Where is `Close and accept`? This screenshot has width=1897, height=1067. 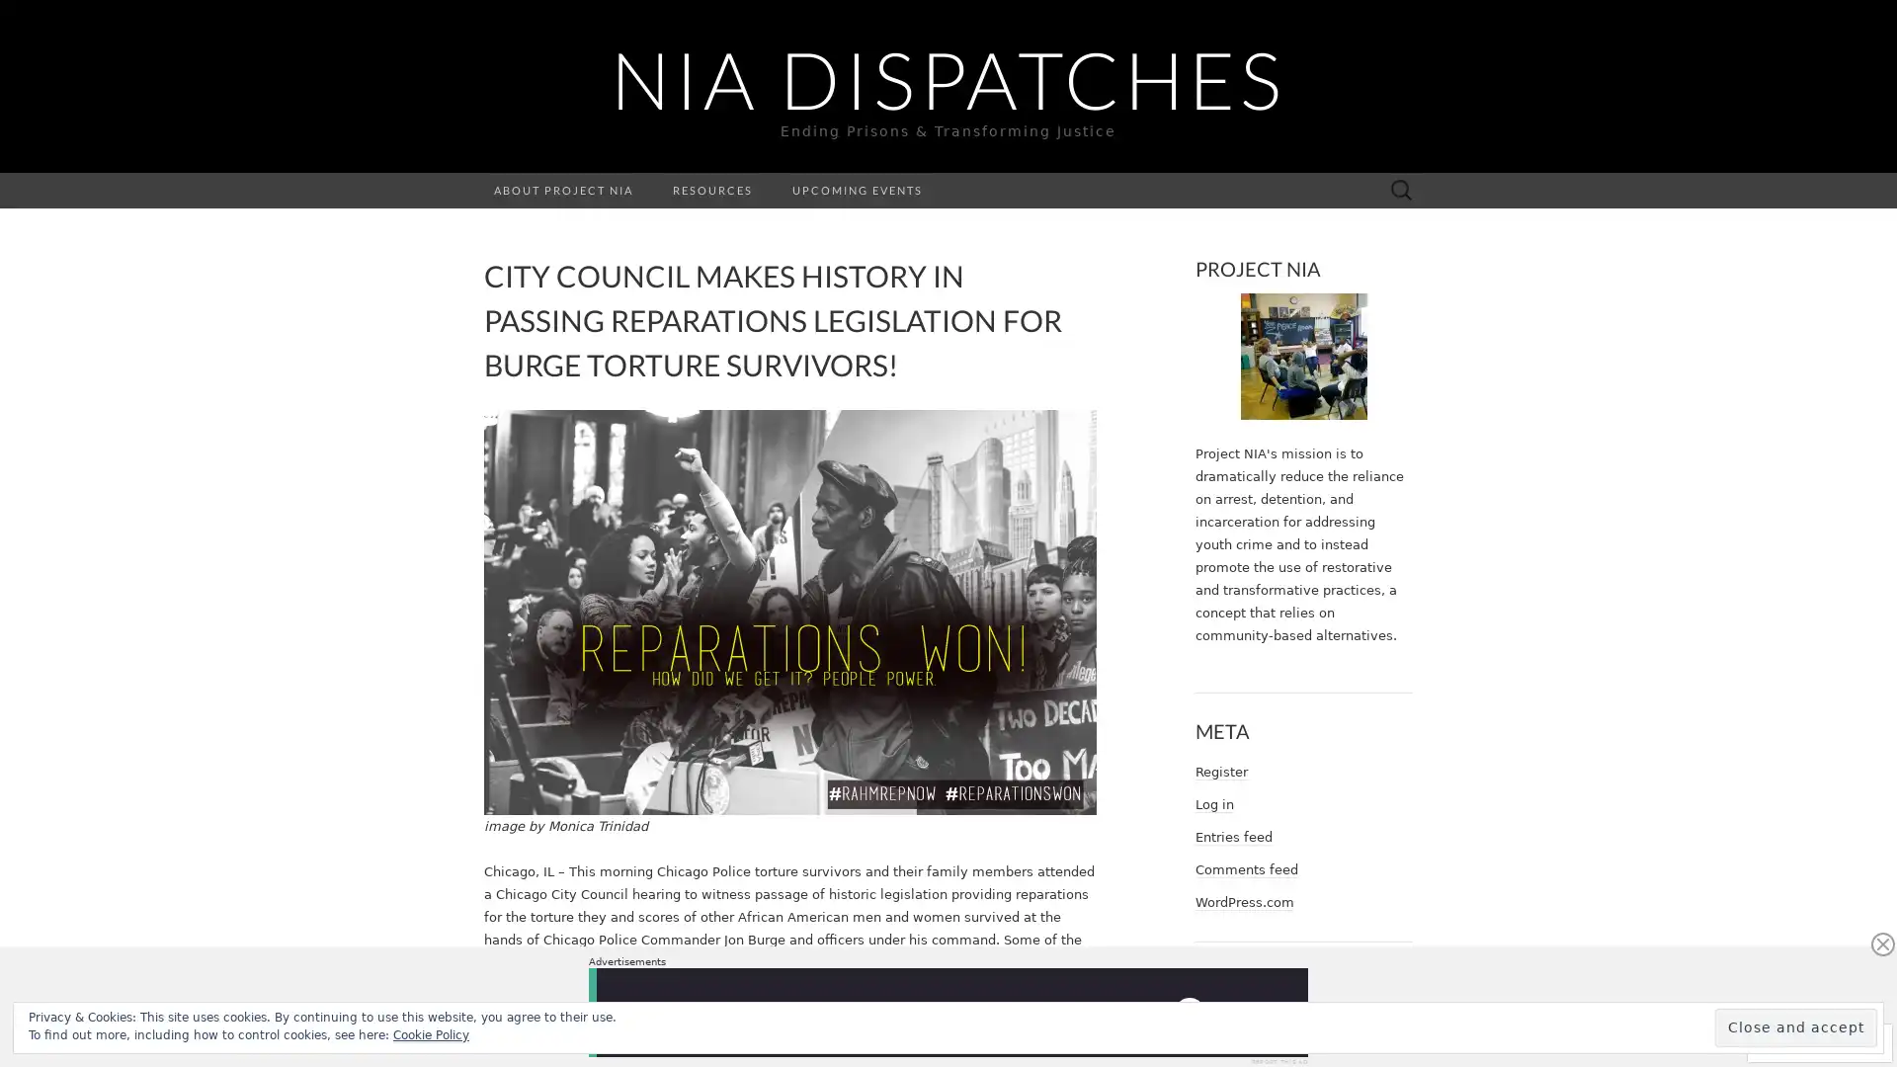 Close and accept is located at coordinates (1796, 1026).